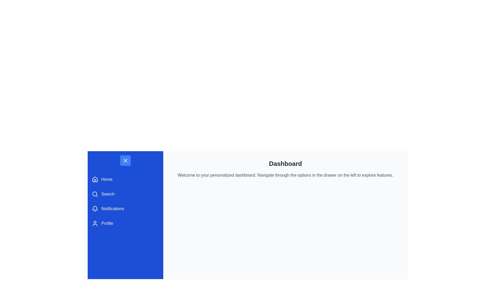  Describe the element at coordinates (95, 179) in the screenshot. I see `the house icon located in the left-side navigation drawer adjacent to the label 'Home'` at that location.